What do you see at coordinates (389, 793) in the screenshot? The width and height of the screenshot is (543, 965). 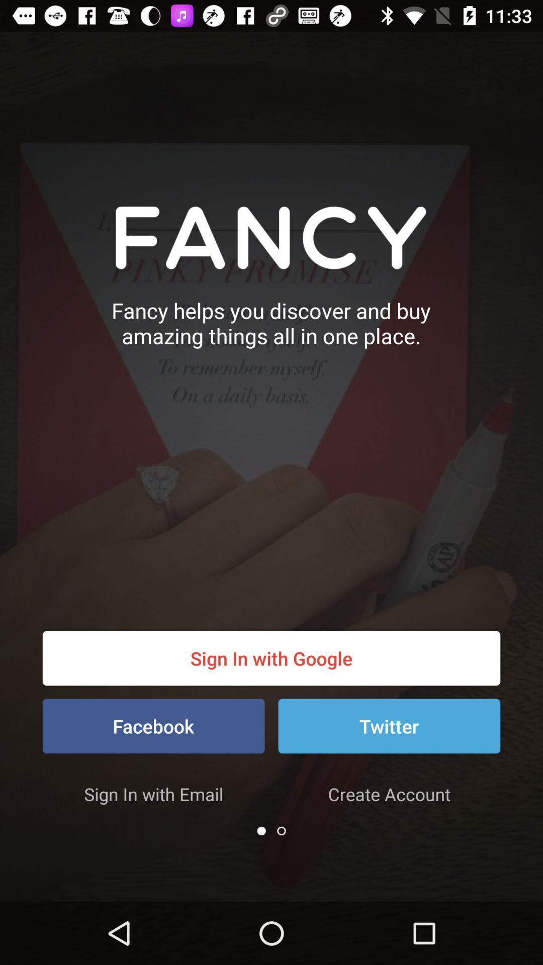 I see `the create account` at bounding box center [389, 793].